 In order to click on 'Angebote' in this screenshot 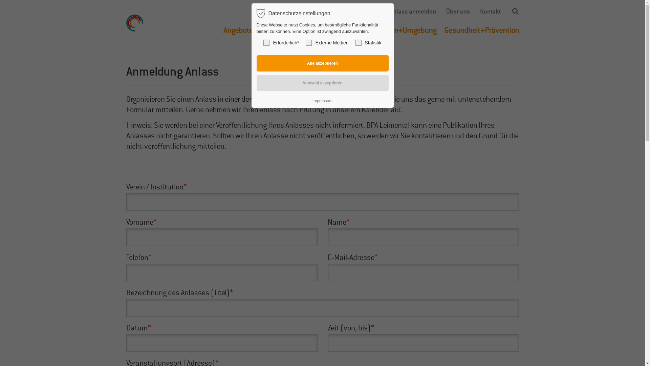, I will do `click(238, 30)`.